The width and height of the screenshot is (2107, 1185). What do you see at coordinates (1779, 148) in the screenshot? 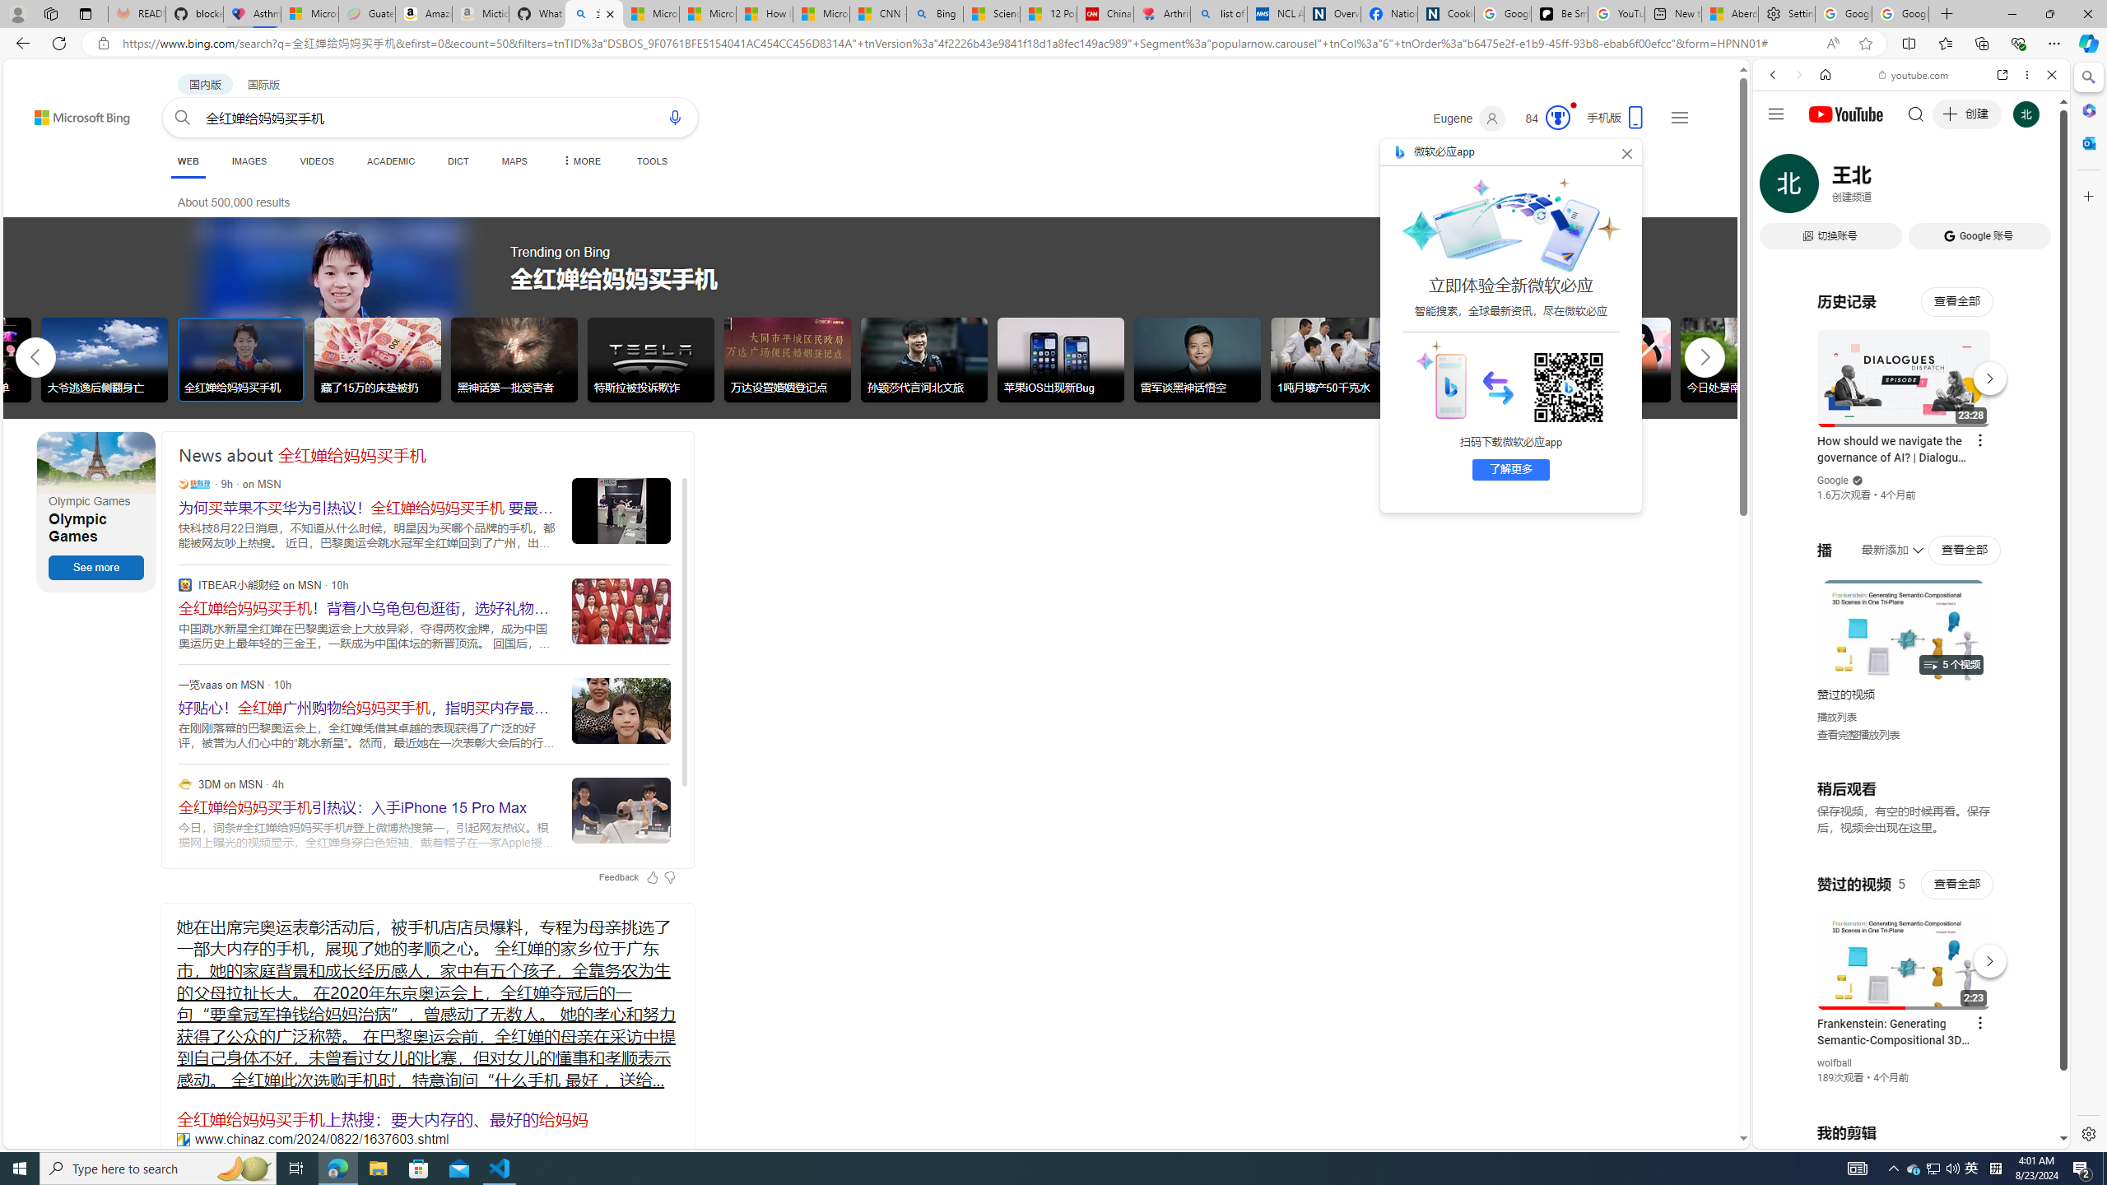
I see `'Web scope'` at bounding box center [1779, 148].